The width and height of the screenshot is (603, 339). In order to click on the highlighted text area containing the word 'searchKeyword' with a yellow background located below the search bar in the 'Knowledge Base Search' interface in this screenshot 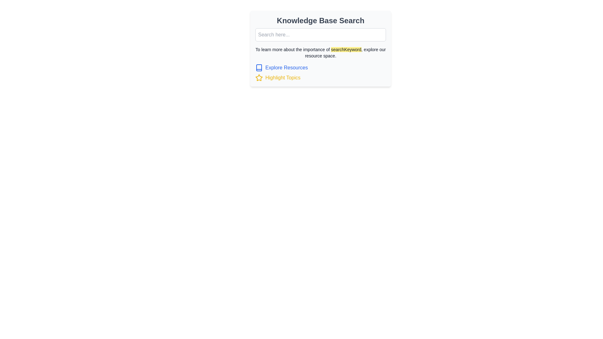, I will do `click(346, 49)`.